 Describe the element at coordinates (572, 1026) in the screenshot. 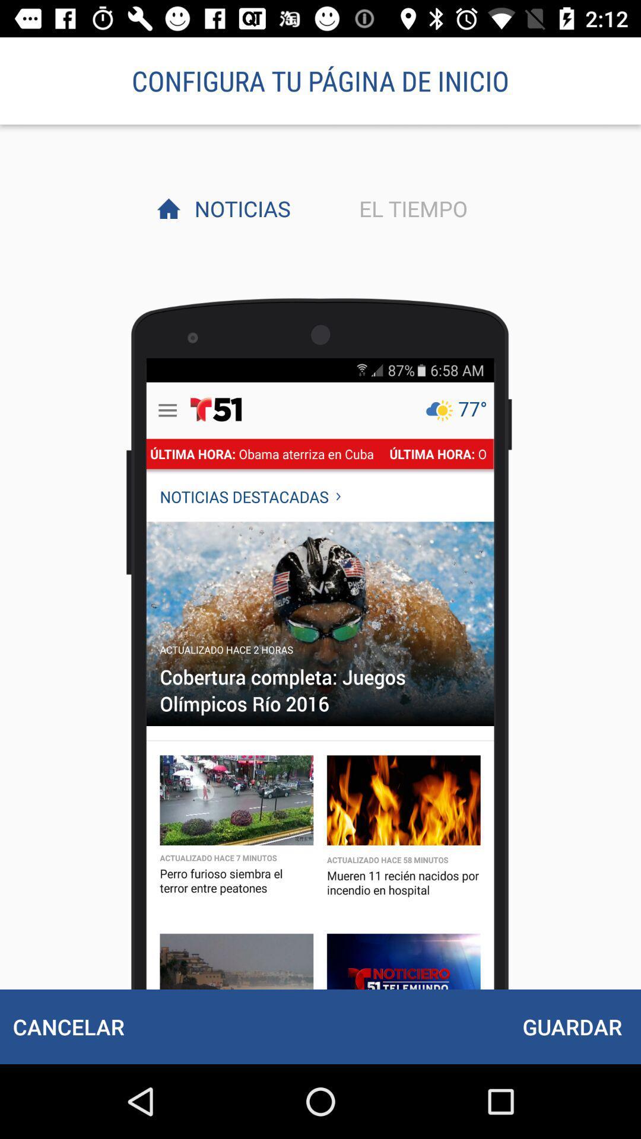

I see `the item at the bottom right corner` at that location.